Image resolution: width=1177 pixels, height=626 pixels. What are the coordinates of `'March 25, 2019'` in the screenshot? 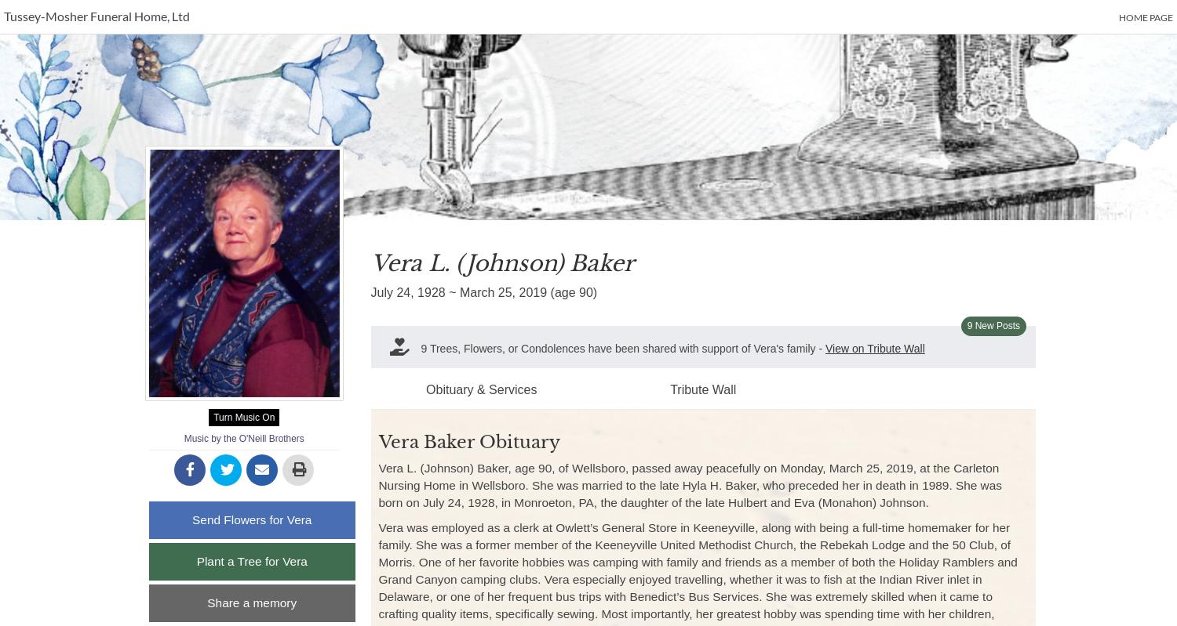 It's located at (502, 292).